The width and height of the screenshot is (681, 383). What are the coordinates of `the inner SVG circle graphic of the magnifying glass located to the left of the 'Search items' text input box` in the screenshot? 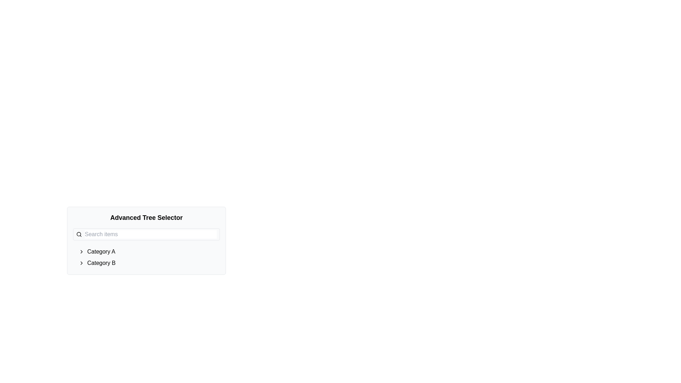 It's located at (79, 234).